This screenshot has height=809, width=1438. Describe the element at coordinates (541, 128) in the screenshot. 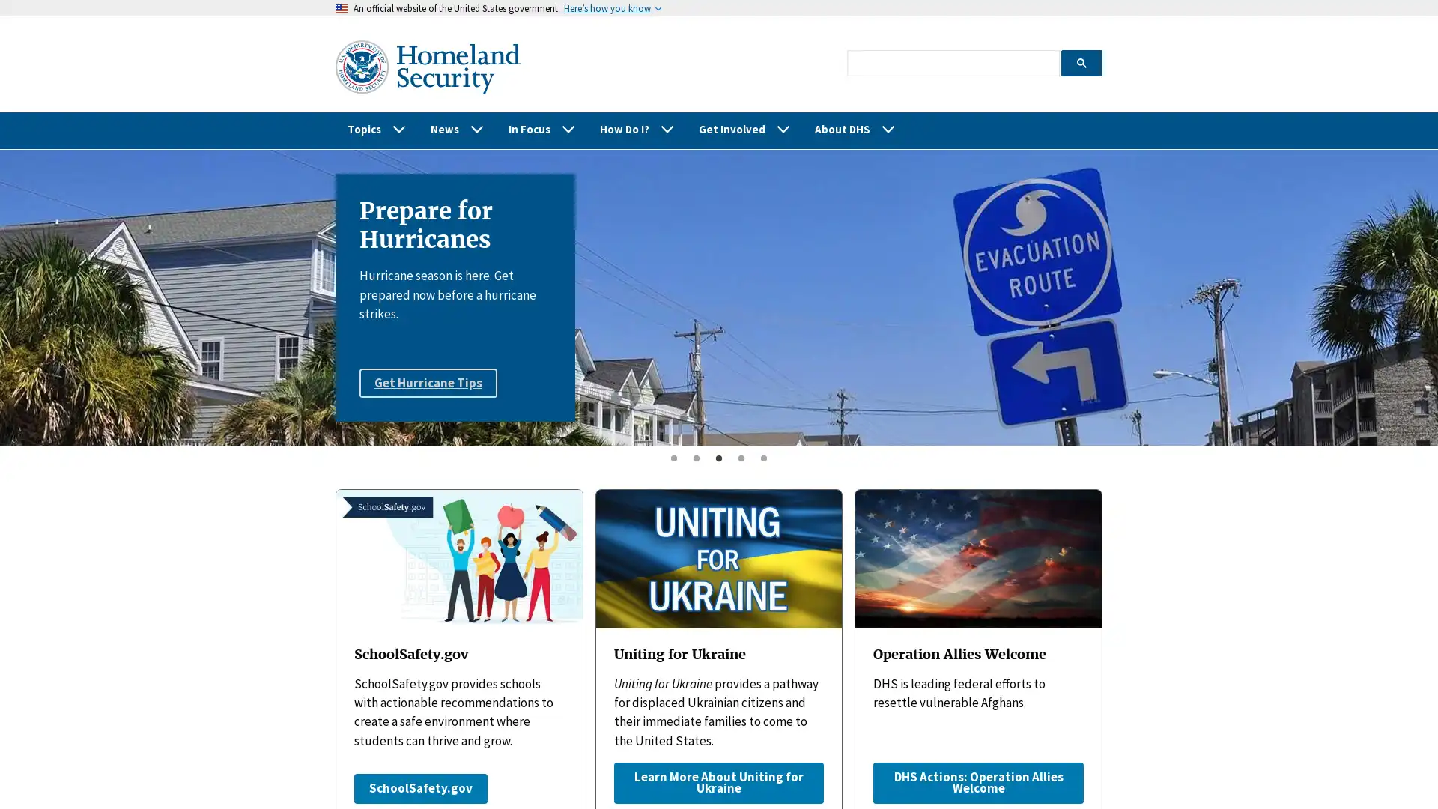

I see `In Focus` at that location.